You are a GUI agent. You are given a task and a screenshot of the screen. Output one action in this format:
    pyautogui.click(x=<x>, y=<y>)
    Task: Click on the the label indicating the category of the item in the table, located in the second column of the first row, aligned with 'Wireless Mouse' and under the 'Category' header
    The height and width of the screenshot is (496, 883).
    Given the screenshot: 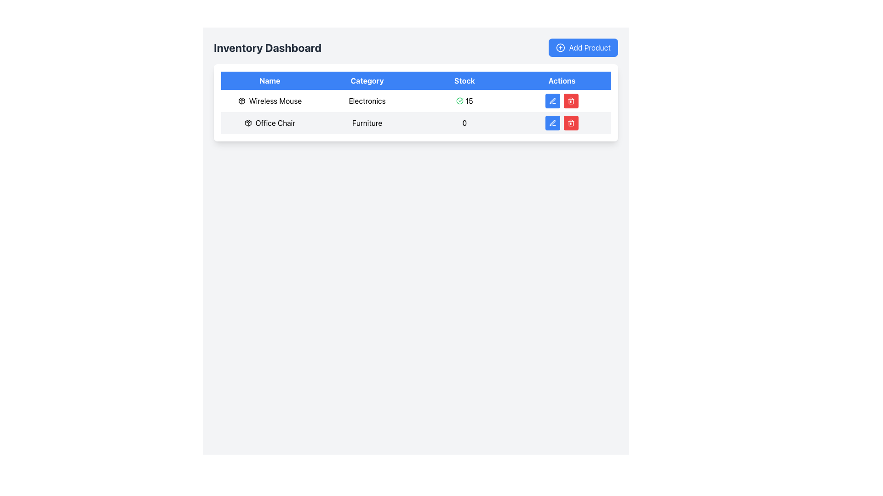 What is the action you would take?
    pyautogui.click(x=367, y=101)
    